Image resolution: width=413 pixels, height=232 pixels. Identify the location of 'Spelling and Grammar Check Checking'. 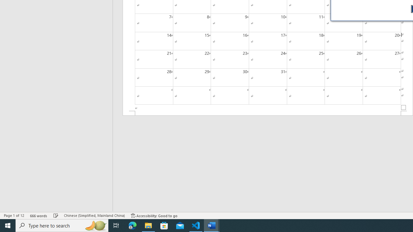
(56, 216).